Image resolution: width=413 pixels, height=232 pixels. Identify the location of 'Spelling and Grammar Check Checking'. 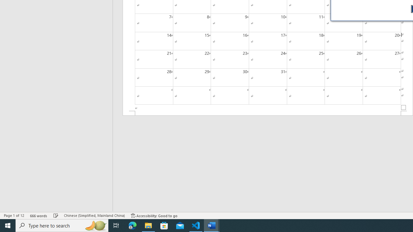
(56, 216).